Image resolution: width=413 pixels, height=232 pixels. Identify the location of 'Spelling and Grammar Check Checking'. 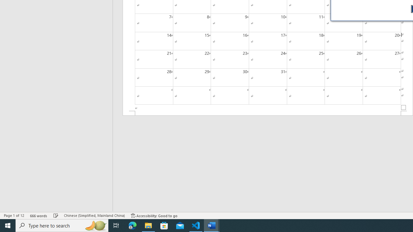
(56, 216).